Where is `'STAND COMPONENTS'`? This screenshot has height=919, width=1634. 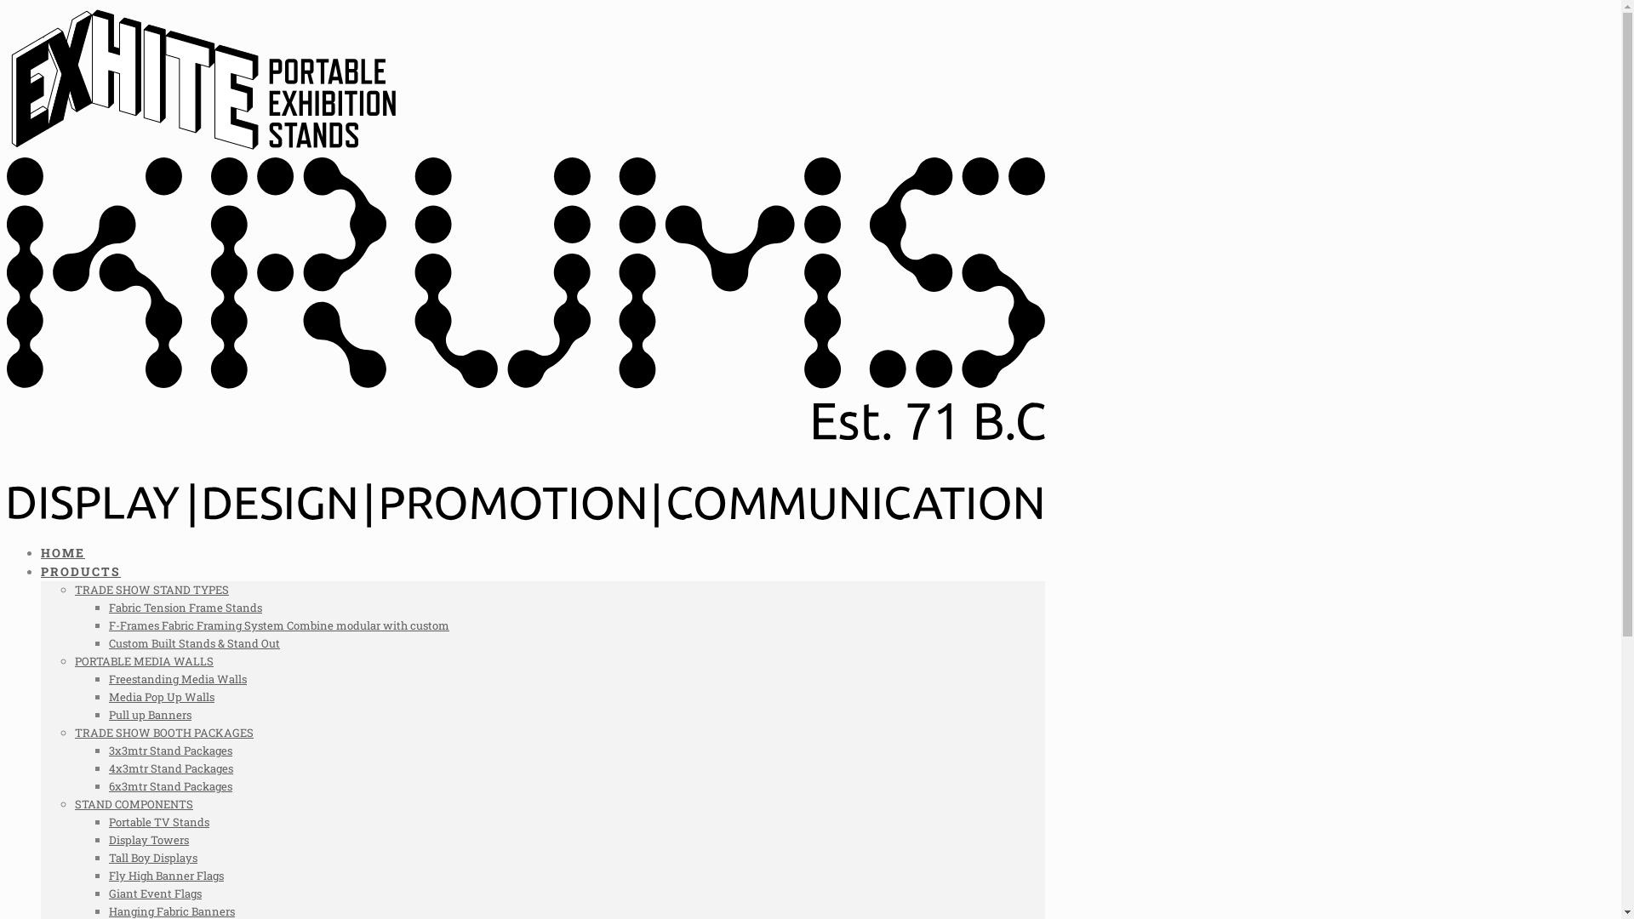
'STAND COMPONENTS' is located at coordinates (133, 804).